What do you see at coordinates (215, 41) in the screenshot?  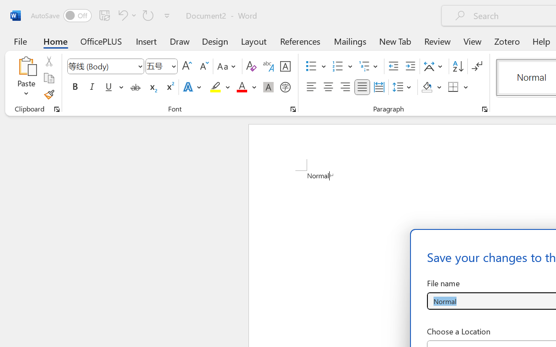 I see `'Design'` at bounding box center [215, 41].